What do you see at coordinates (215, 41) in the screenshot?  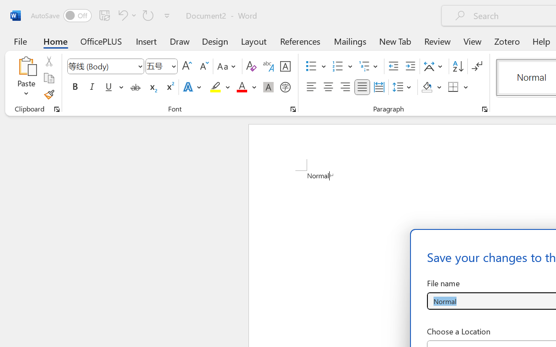 I see `'Design'` at bounding box center [215, 41].